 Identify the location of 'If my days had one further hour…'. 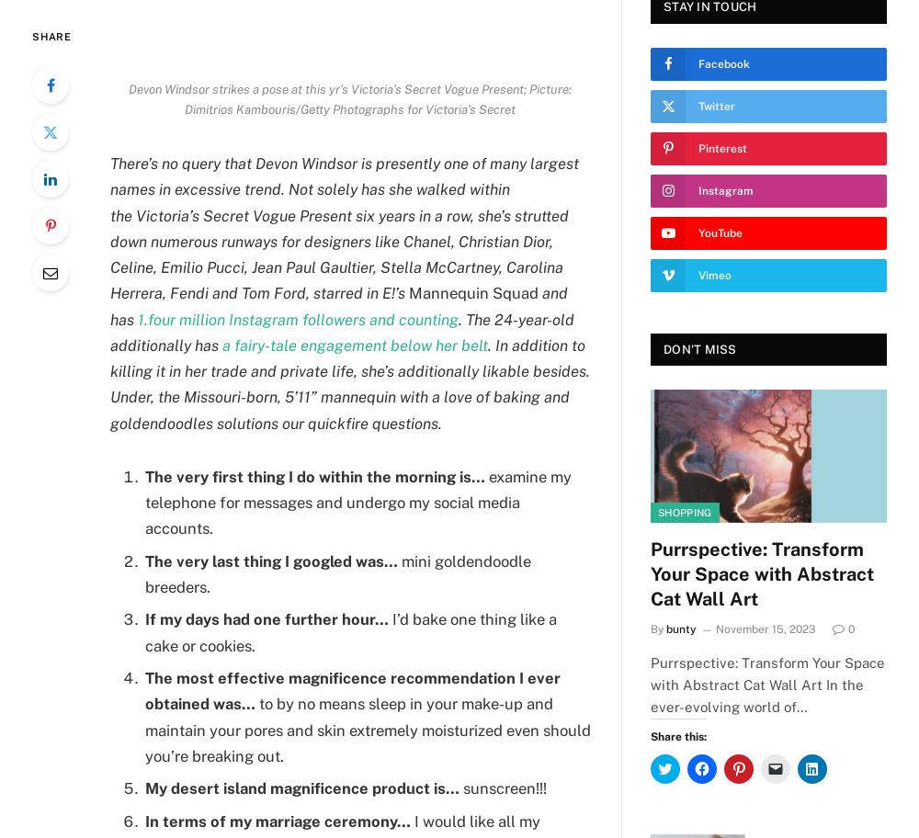
(267, 617).